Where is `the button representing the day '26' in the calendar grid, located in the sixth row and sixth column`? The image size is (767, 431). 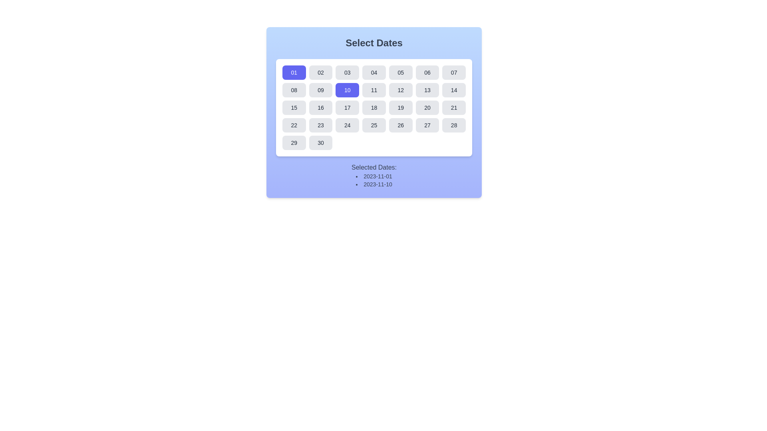 the button representing the day '26' in the calendar grid, located in the sixth row and sixth column is located at coordinates (401, 125).